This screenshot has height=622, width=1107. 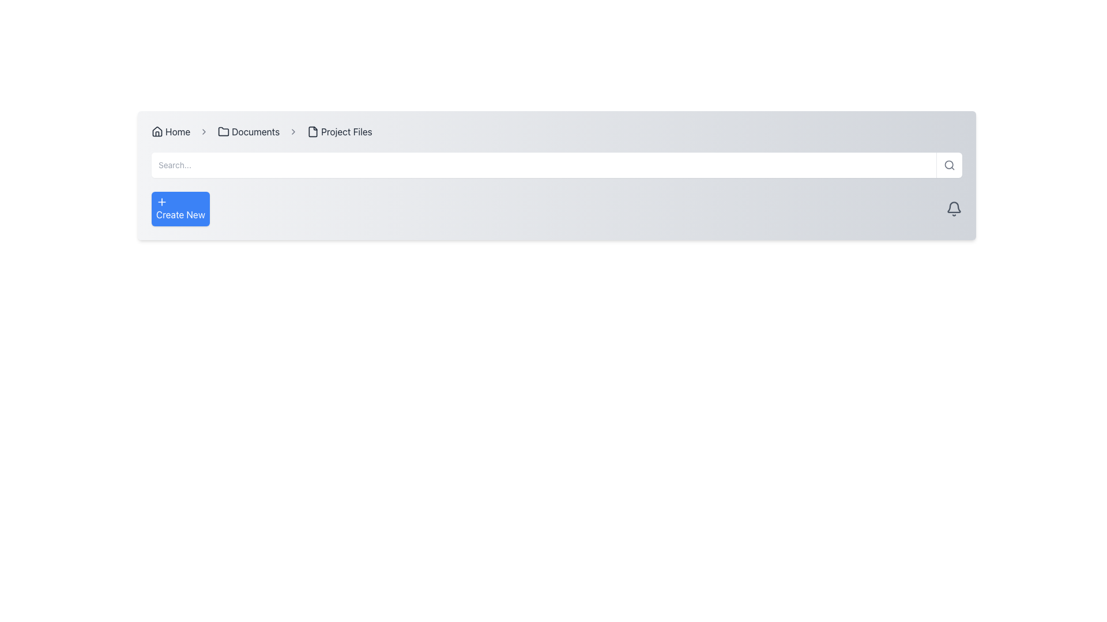 What do you see at coordinates (293, 131) in the screenshot?
I see `the rightward-facing chevron icon in the breadcrumb navigation that separates the 'Documents' label and the 'Project Files' label` at bounding box center [293, 131].